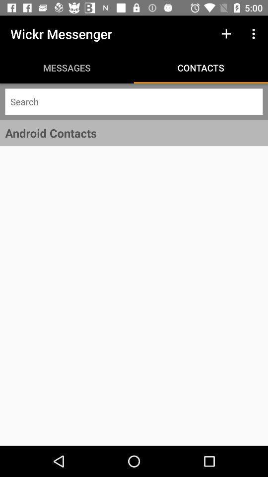 Image resolution: width=268 pixels, height=477 pixels. I want to click on the icon above contacts, so click(226, 34).